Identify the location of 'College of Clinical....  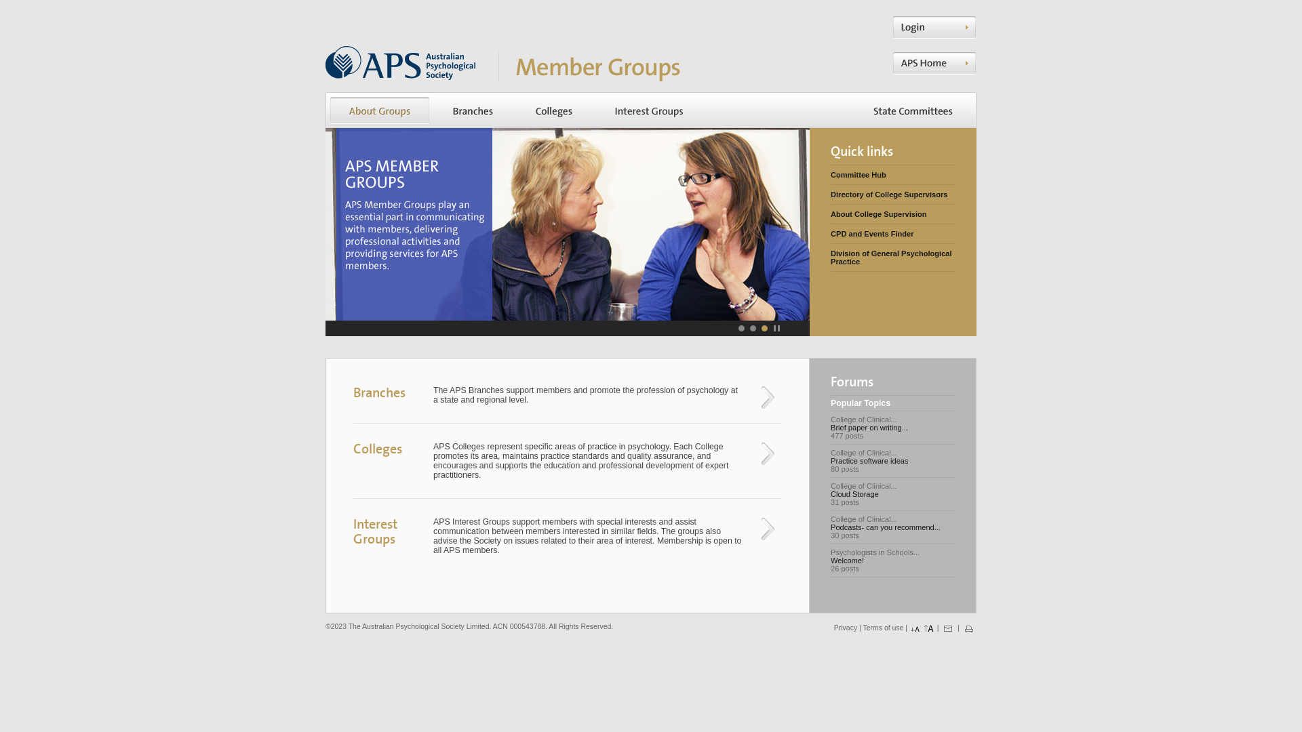
(892, 494).